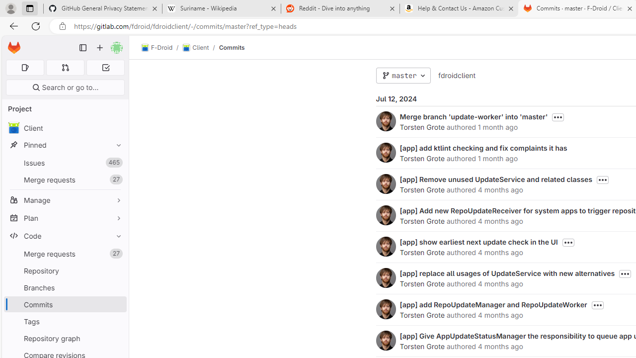  Describe the element at coordinates (65, 200) in the screenshot. I see `'Manage'` at that location.